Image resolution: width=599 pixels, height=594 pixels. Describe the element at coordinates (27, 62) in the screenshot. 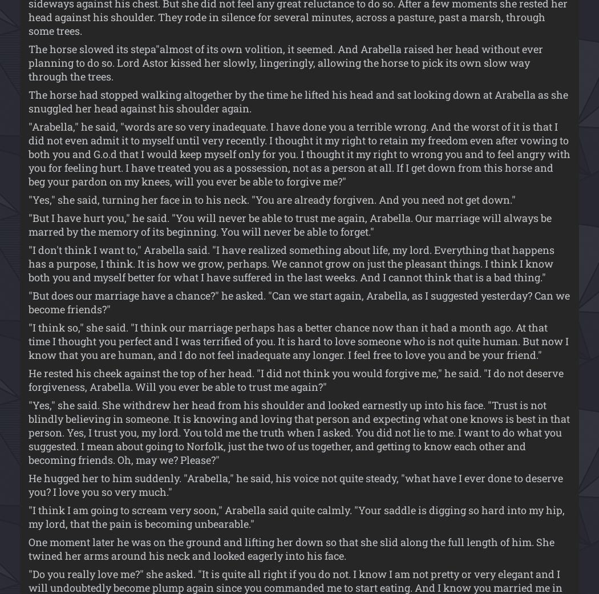

I see `'The horse slowed its stepa"almost of its own volition, it seemed. And Arabella raised her head without ever planning to do so. Lord Astor kissed her slowly, lingeringly, allowing the horse to pick its own slow way through the trees.'` at that location.